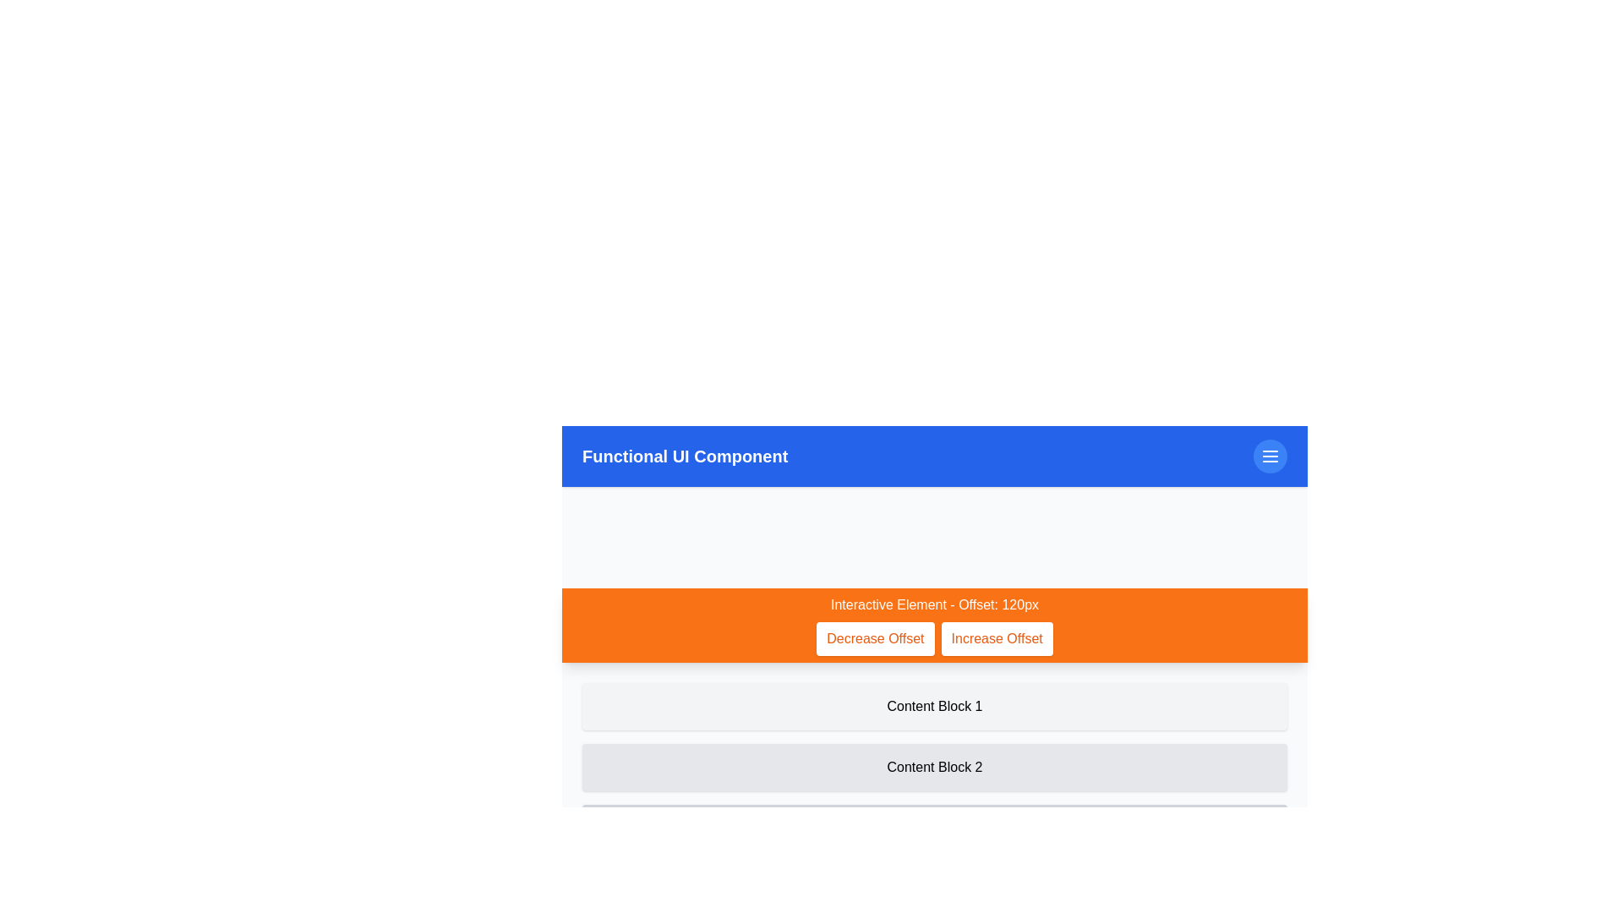  What do you see at coordinates (933, 639) in the screenshot?
I see `the 'Increase Offset' button in the Button Group, which is part of the orange background bar labeled 'Interactive Element - Offset: 120px'` at bounding box center [933, 639].